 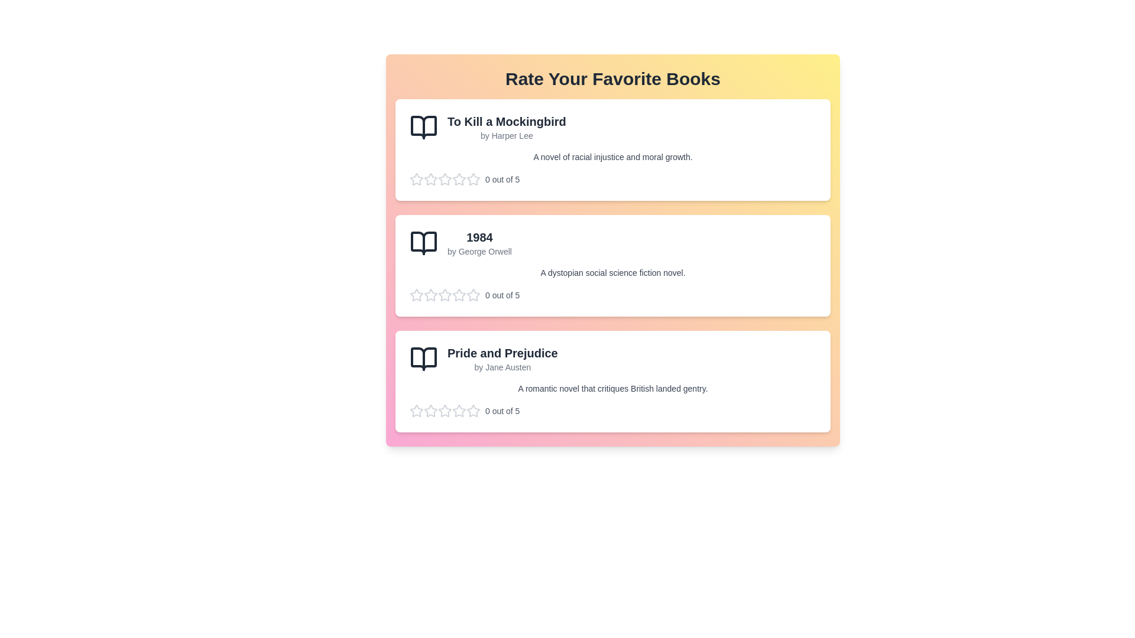 What do you see at coordinates (502, 359) in the screenshot?
I see `the text block displaying the title 'Pride and Prejudice' and the author 'by Jane Austen', located in the third card of the 'Rate Your Favorite Books' section` at bounding box center [502, 359].